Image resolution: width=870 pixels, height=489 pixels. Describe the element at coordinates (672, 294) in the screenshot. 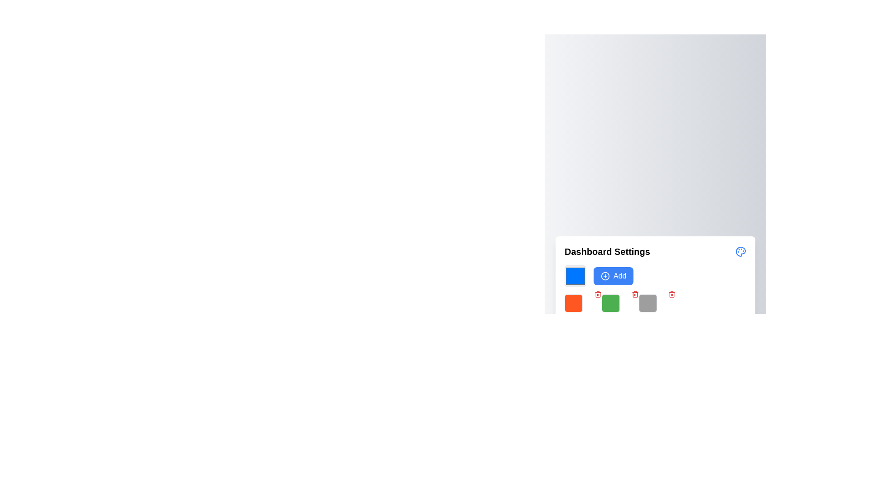

I see `the delete button with a trash can icon located in the top right corner of the gray square within the dashboard settings section` at that location.